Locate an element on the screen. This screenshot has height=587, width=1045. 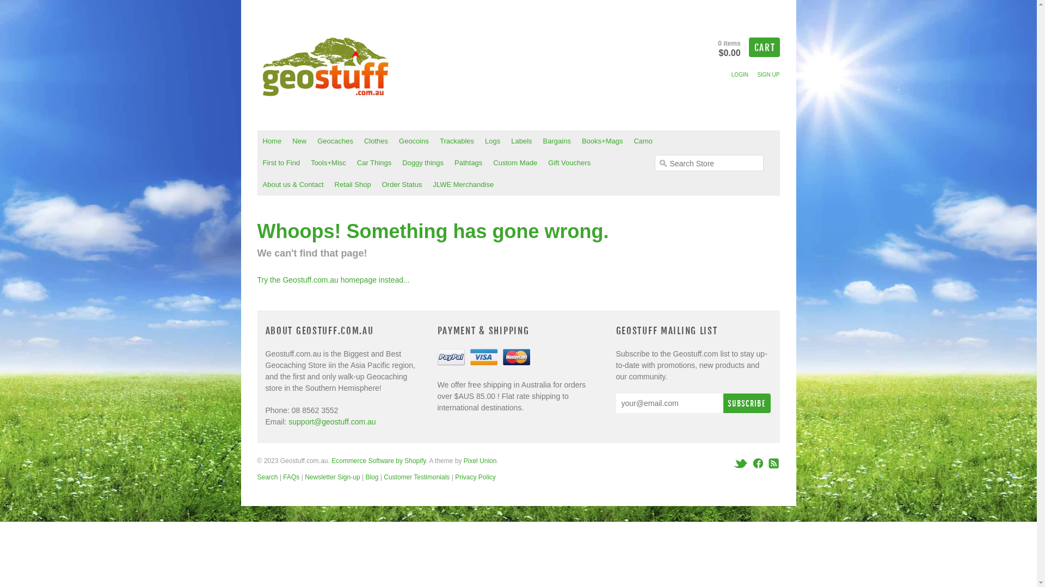
'Retail Shop' is located at coordinates (353, 184).